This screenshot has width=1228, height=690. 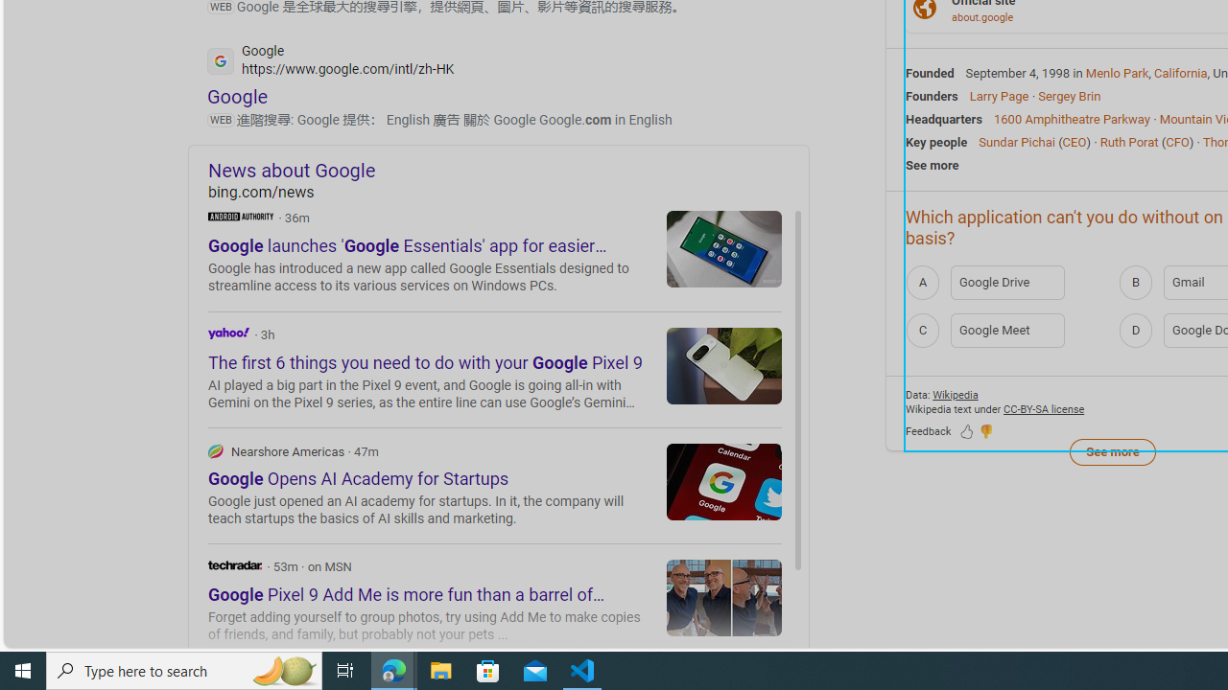 What do you see at coordinates (393, 669) in the screenshot?
I see `'Microsoft Edge - 2 running windows'` at bounding box center [393, 669].